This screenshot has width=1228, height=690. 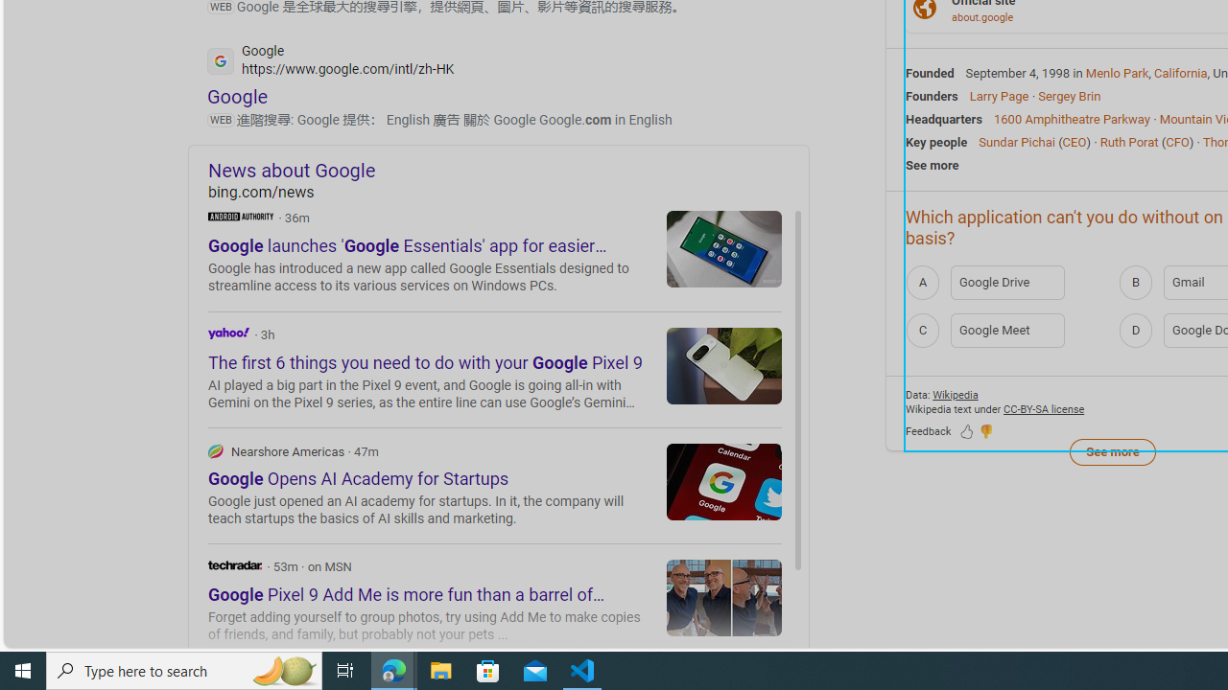 What do you see at coordinates (393, 669) in the screenshot?
I see `'Microsoft Edge - 2 running windows'` at bounding box center [393, 669].